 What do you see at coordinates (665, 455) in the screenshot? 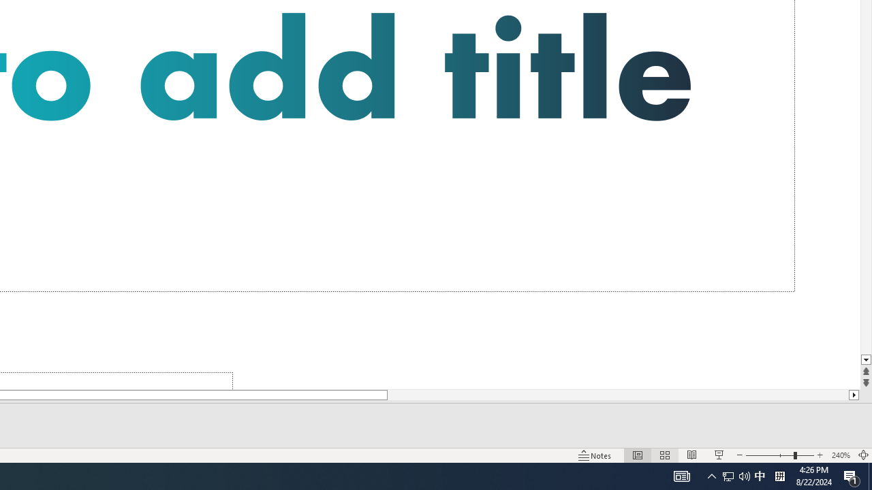
I see `'Slide Sorter'` at bounding box center [665, 455].